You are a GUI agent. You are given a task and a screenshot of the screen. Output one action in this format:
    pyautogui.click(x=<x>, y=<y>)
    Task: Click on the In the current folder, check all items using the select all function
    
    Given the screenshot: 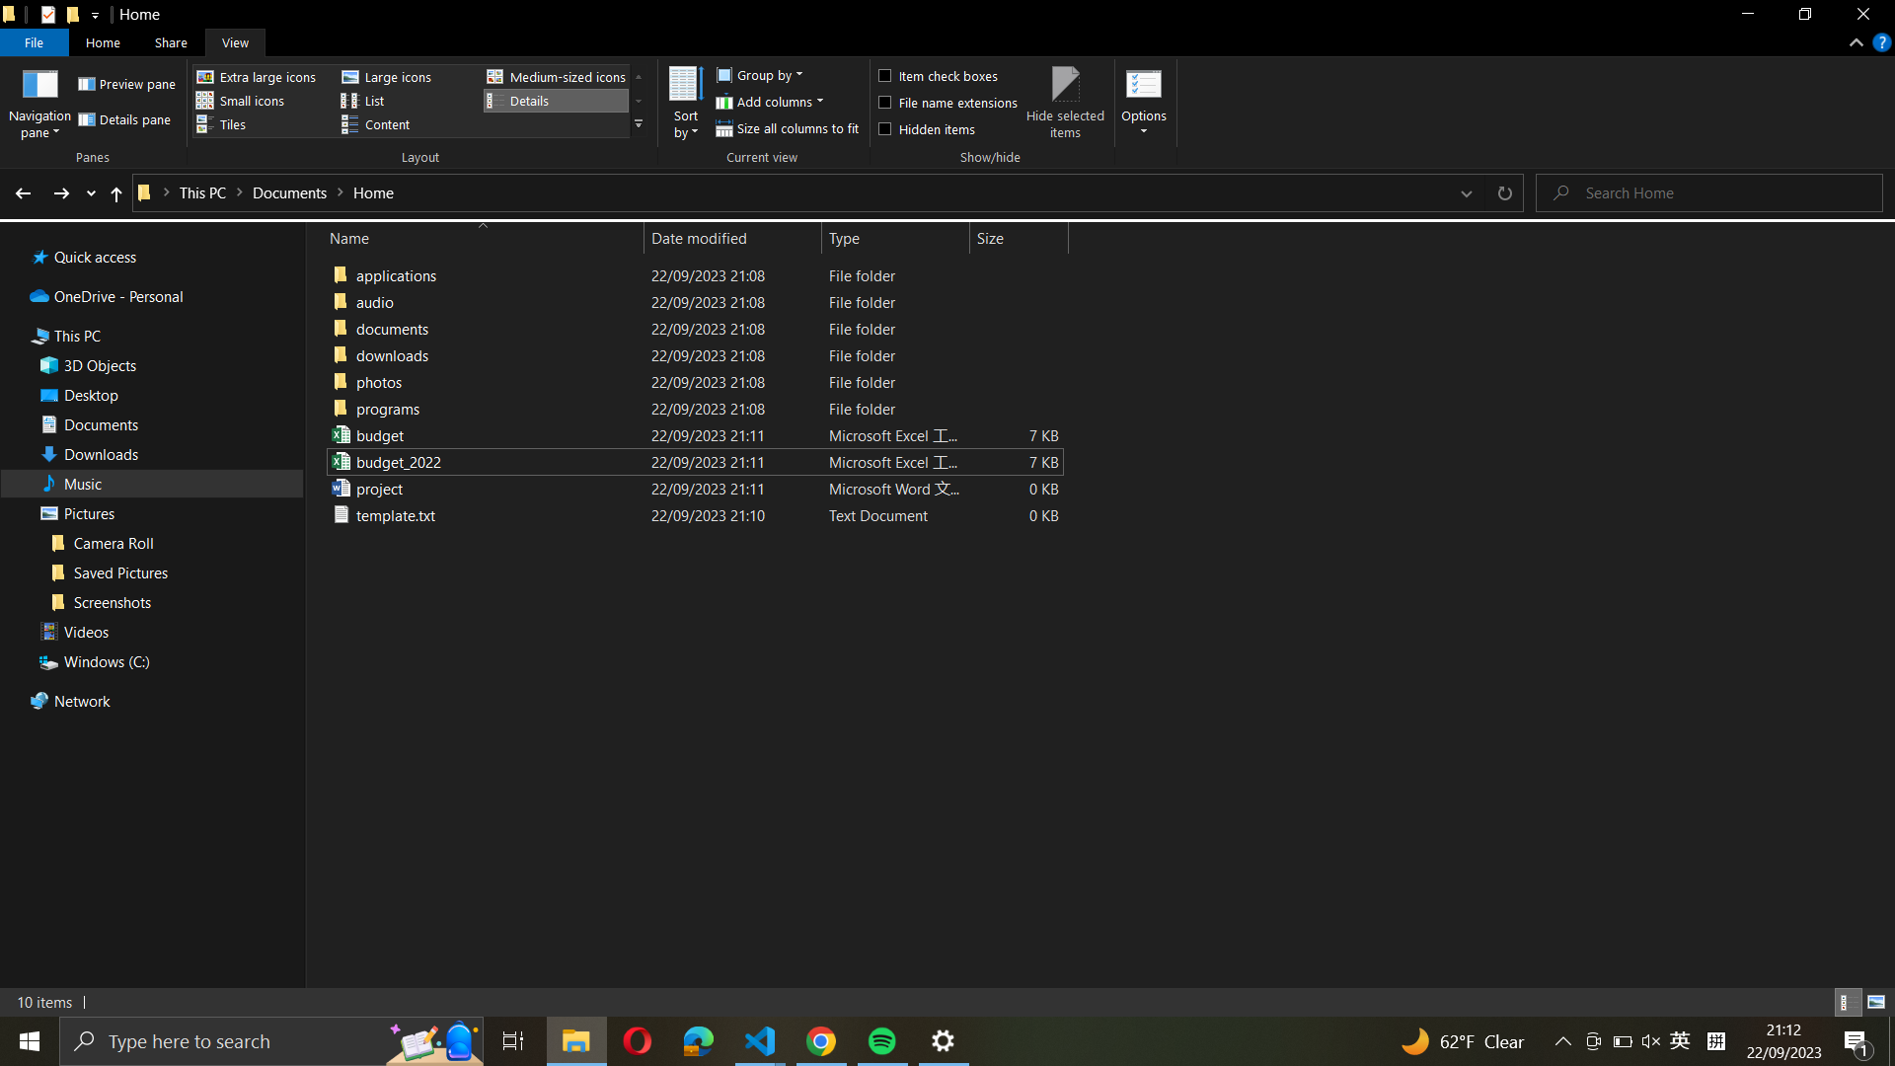 What is the action you would take?
    pyautogui.click(x=945, y=72)
    